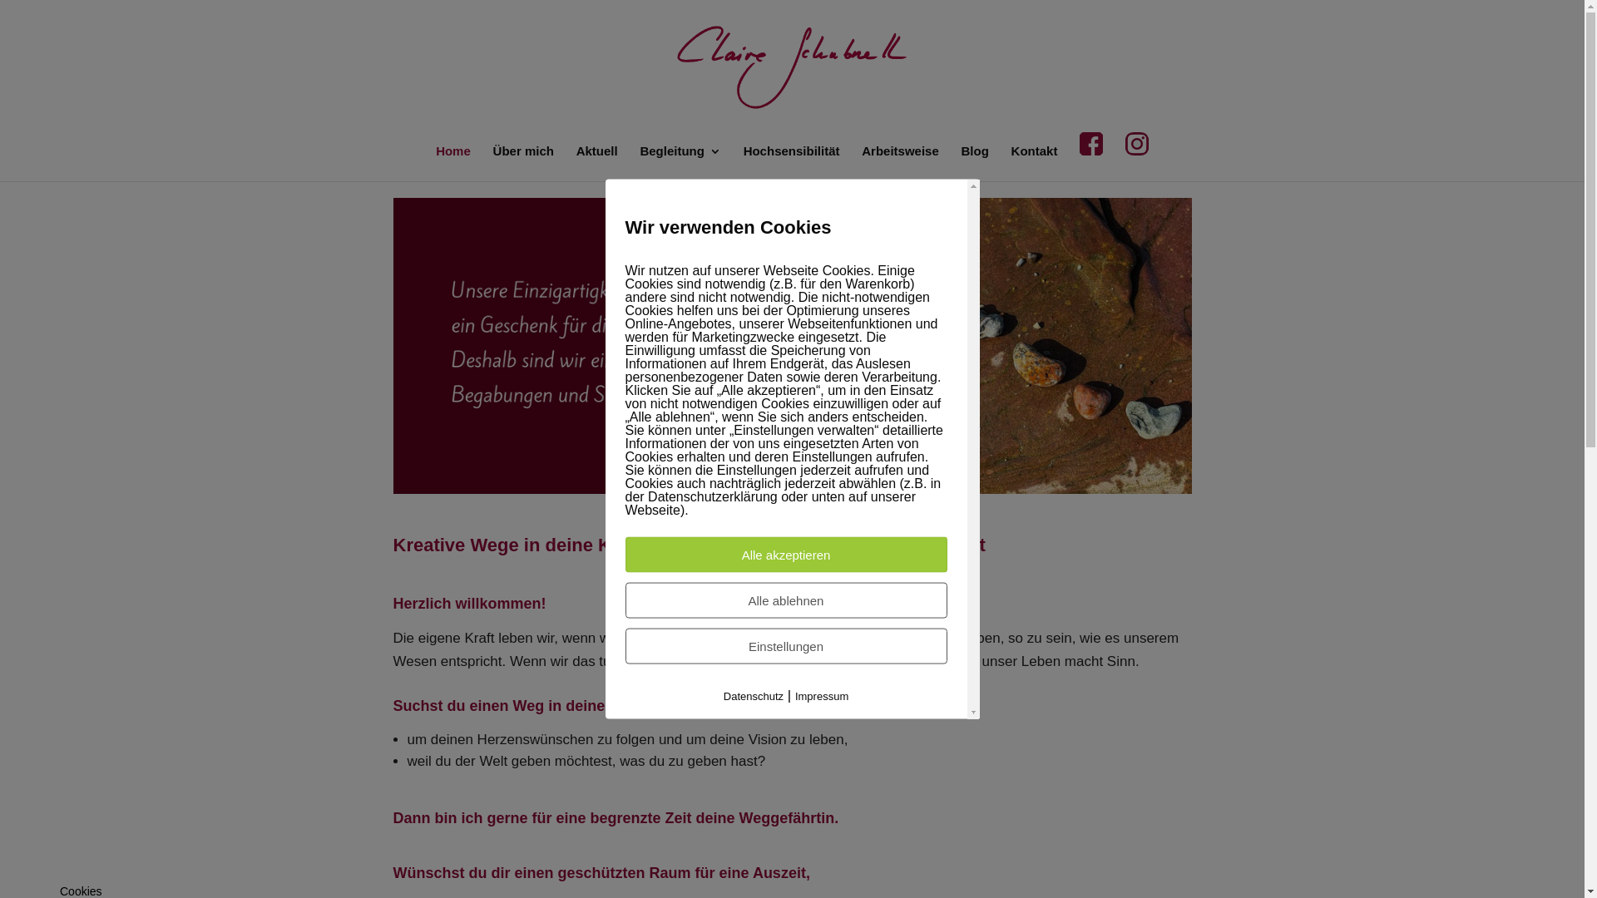  I want to click on 'Einstellungen', so click(785, 645).